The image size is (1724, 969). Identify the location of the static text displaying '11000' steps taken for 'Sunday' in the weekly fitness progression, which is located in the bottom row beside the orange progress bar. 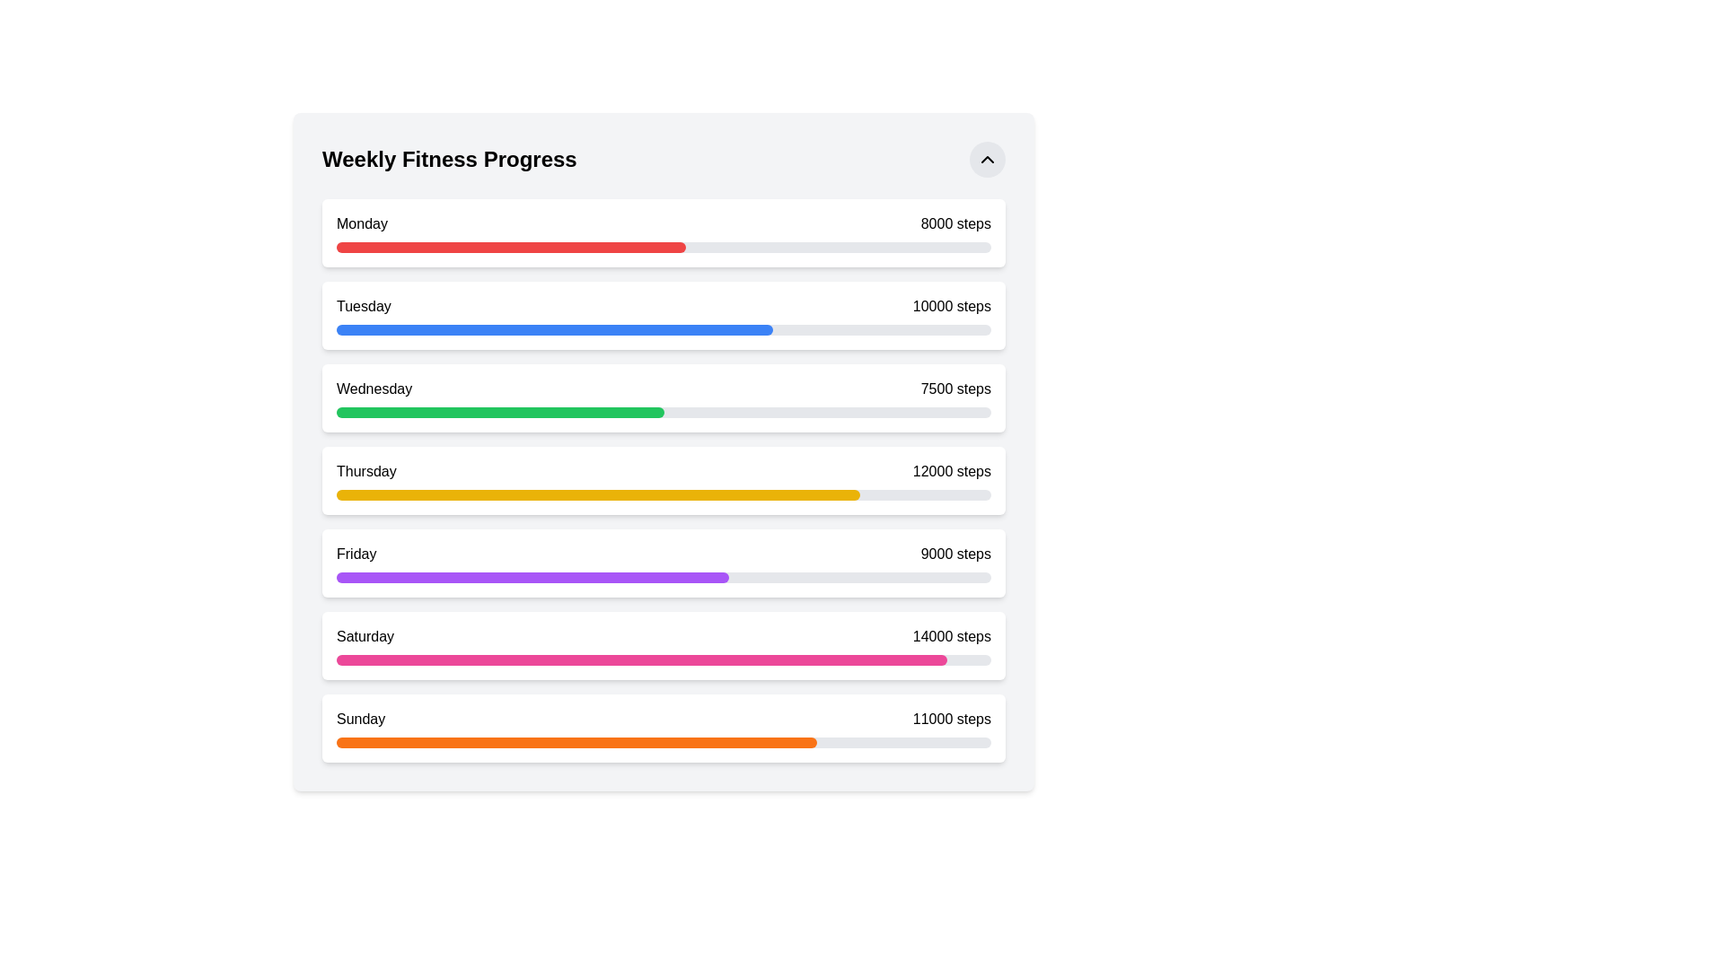
(951, 719).